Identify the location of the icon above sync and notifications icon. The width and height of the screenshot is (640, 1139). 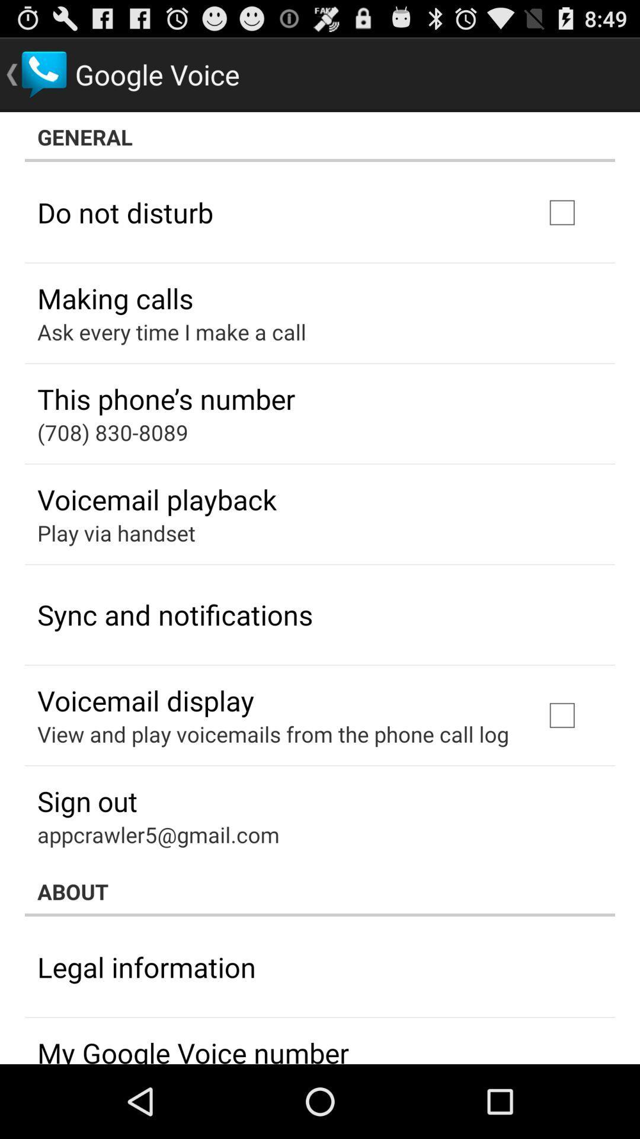
(116, 532).